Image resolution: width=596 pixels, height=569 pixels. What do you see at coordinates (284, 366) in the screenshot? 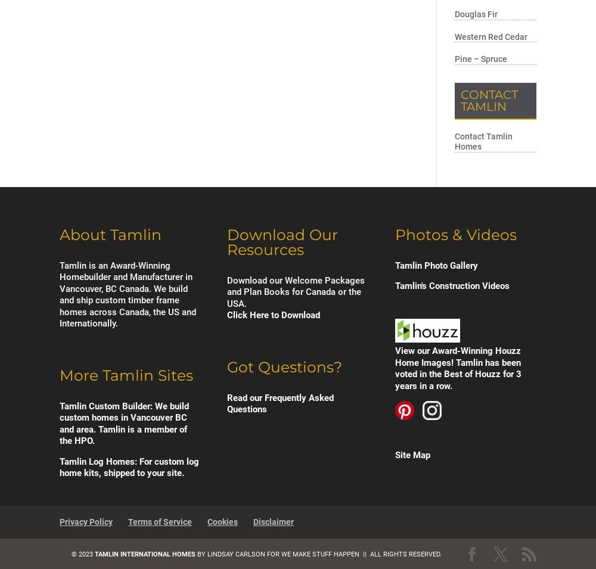
I see `'Got Questions?'` at bounding box center [284, 366].